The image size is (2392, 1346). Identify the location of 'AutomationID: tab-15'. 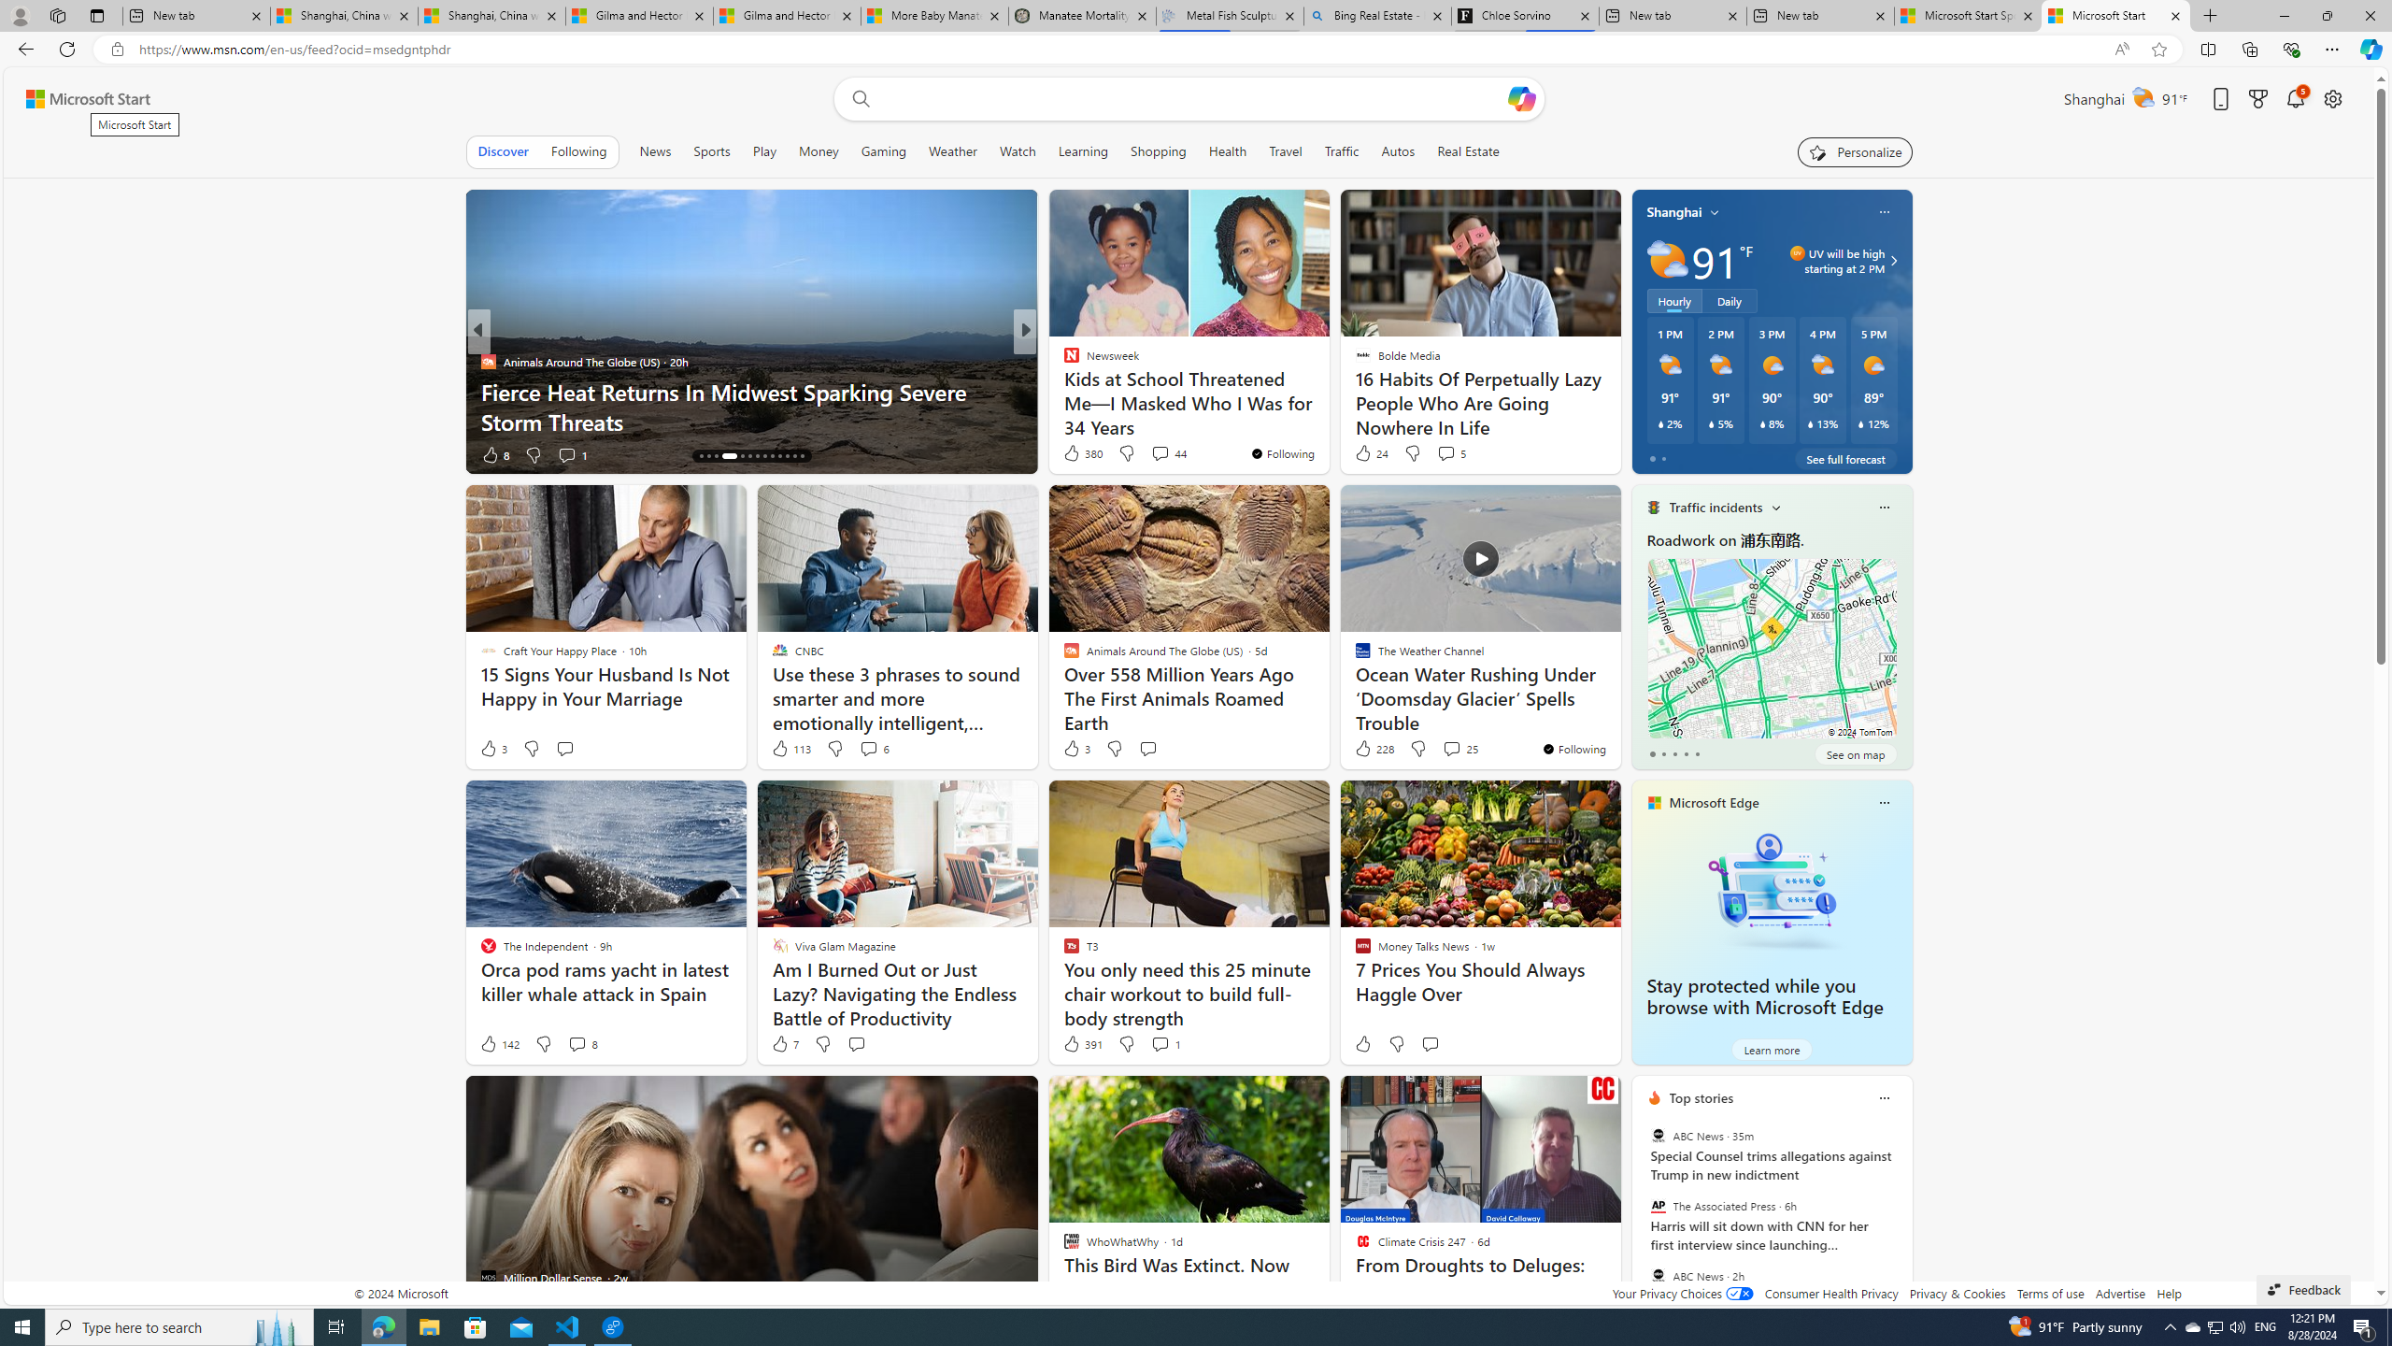
(708, 455).